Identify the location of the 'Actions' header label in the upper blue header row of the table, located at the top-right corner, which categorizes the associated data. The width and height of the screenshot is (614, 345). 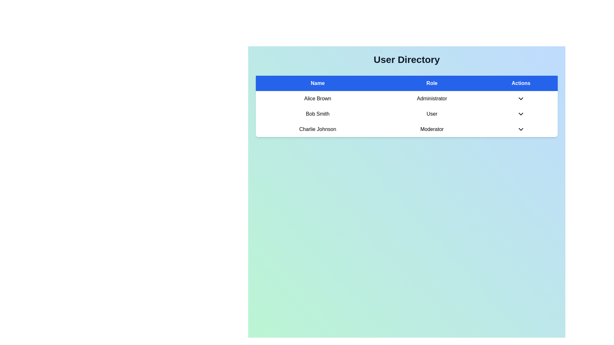
(521, 83).